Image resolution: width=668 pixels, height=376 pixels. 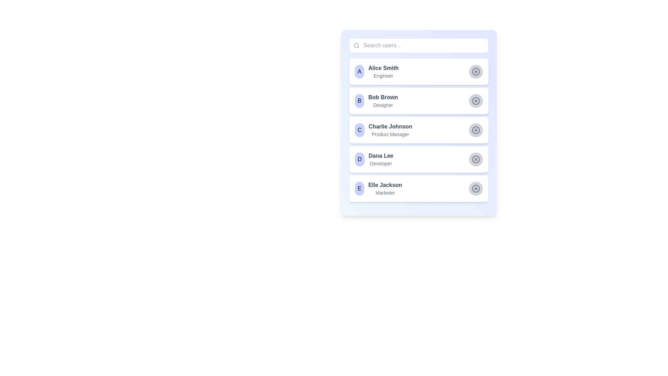 I want to click on to select the user entry represented by the List Item containing an avatar and textual details, which is the fifth item in a vertically stacked list on the right side of the interface, so click(x=378, y=189).